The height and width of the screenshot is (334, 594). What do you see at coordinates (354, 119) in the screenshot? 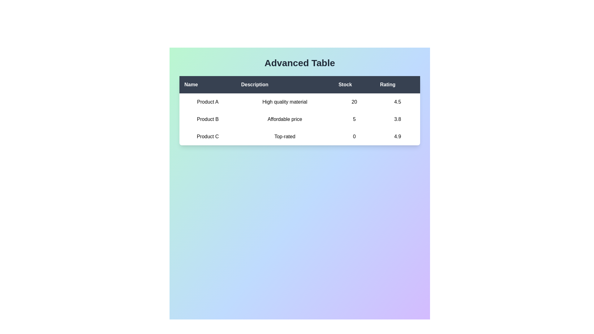
I see `the numeric value displayed in black font against a white background in the third column of the second row of the table, corresponding to the 'Stock' field for 'Product B'` at bounding box center [354, 119].